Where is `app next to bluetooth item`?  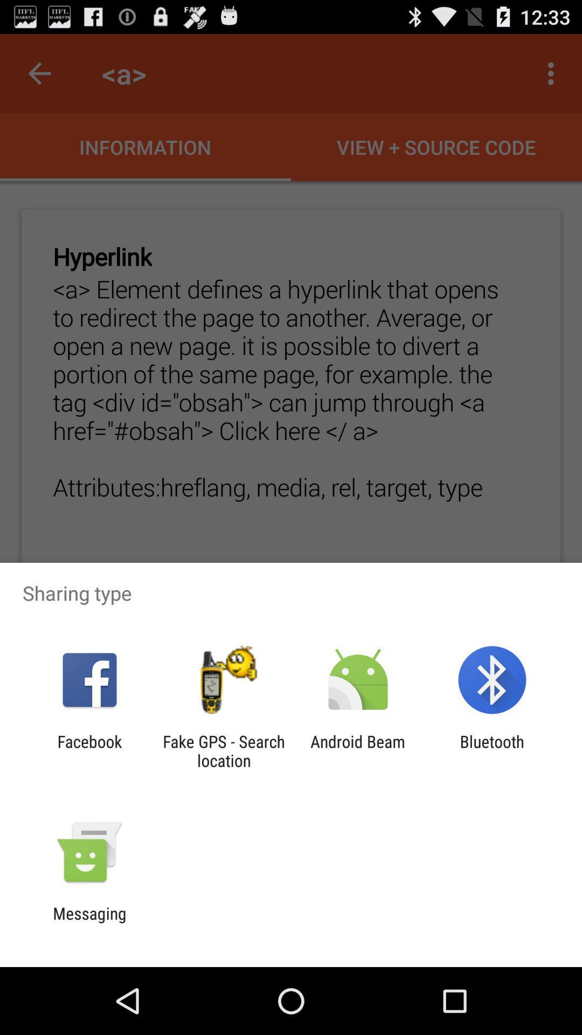
app next to bluetooth item is located at coordinates (358, 750).